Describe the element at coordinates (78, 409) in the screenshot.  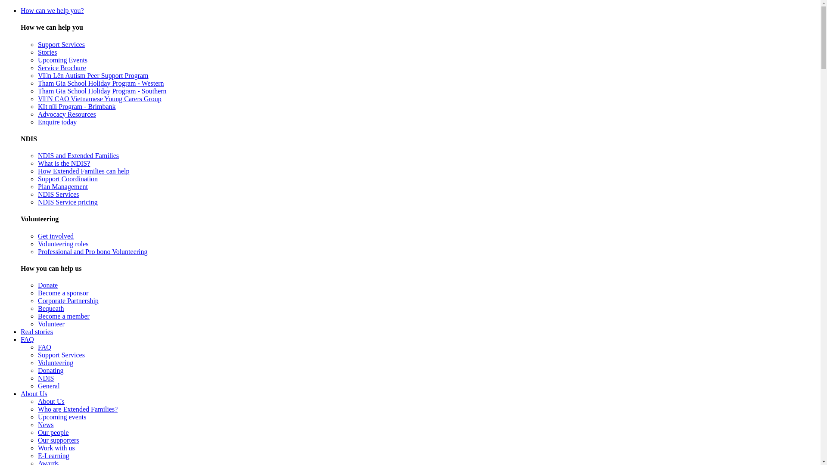
I see `'Who are Extended Families?'` at that location.